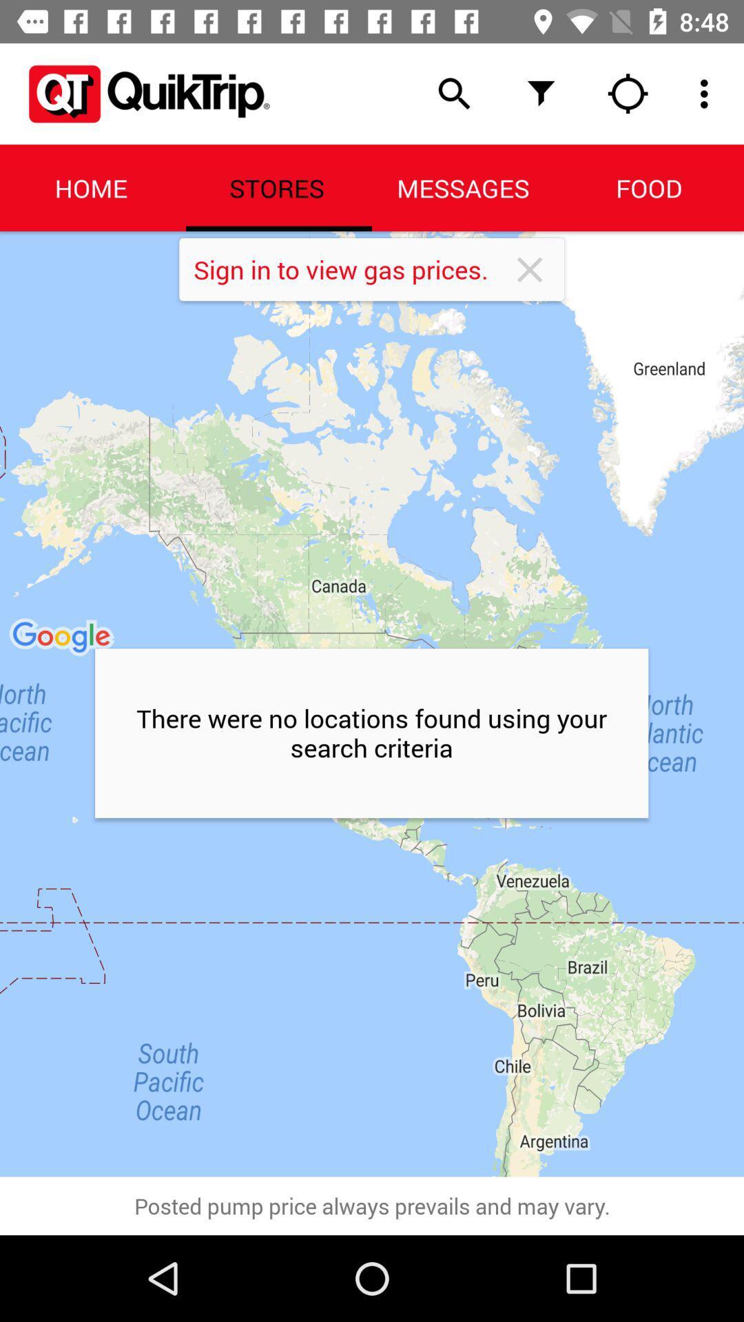 This screenshot has width=744, height=1322. Describe the element at coordinates (351, 269) in the screenshot. I see `icon above the there were no item` at that location.